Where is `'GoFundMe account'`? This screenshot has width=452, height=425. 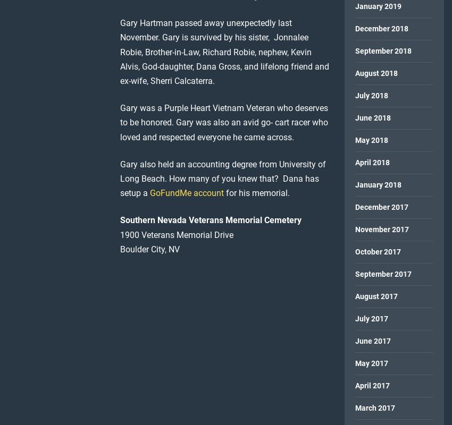 'GoFundMe account' is located at coordinates (186, 193).